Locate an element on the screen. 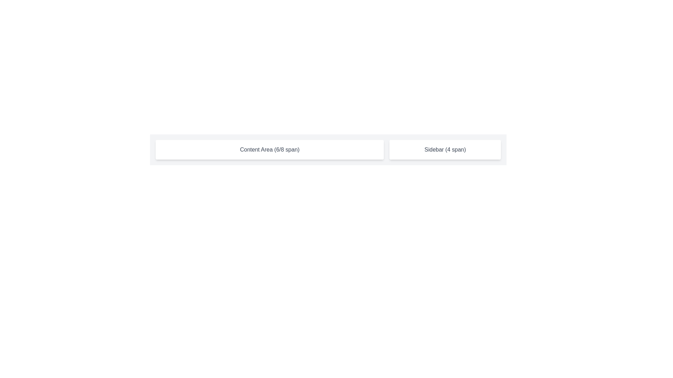 This screenshot has width=673, height=378. the Text label that describes the content section of the layout, which is centered horizontally in the primary content area on the left is located at coordinates (269, 149).